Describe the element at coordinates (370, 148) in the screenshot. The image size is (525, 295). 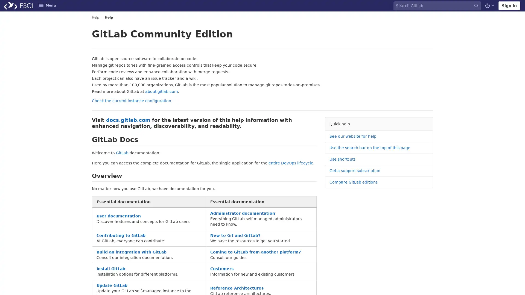
I see `Use the search bar on the top of this page` at that location.